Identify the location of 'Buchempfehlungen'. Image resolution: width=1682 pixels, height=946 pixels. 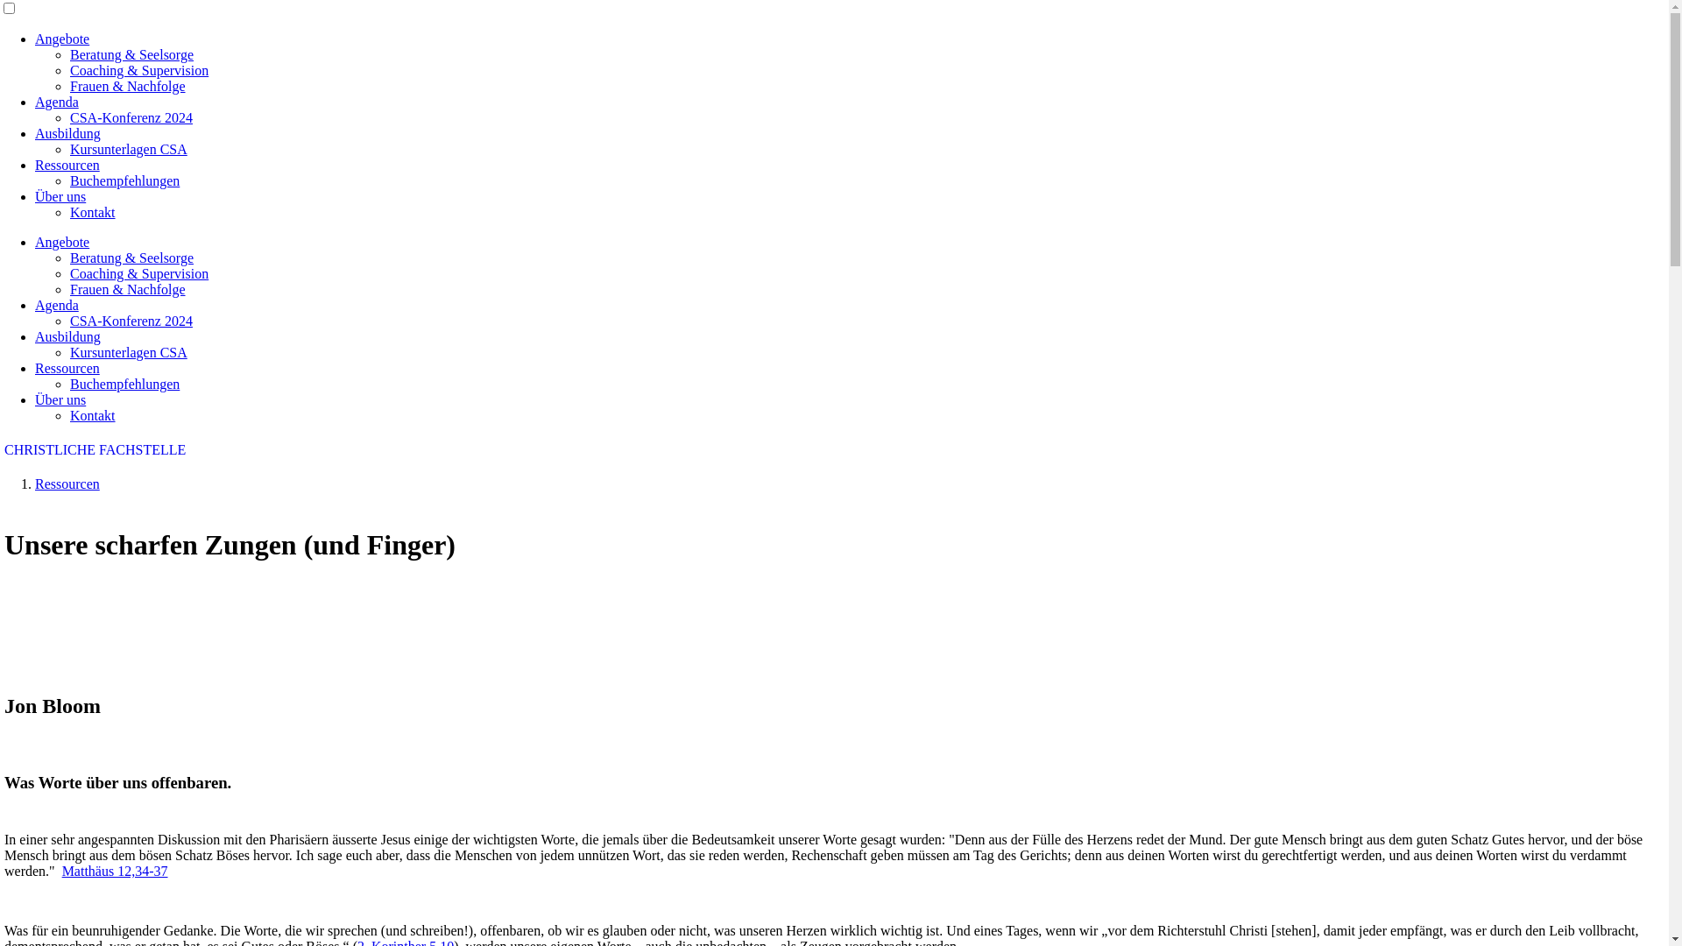
(124, 383).